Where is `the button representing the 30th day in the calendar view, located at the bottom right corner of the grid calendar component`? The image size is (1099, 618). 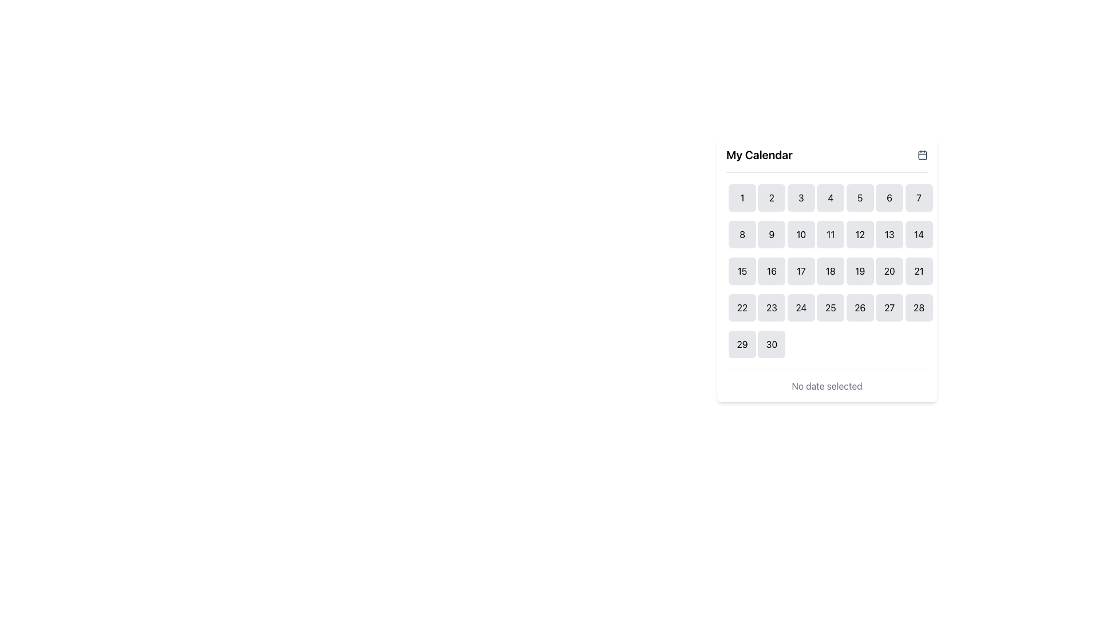
the button representing the 30th day in the calendar view, located at the bottom right corner of the grid calendar component is located at coordinates (772, 343).